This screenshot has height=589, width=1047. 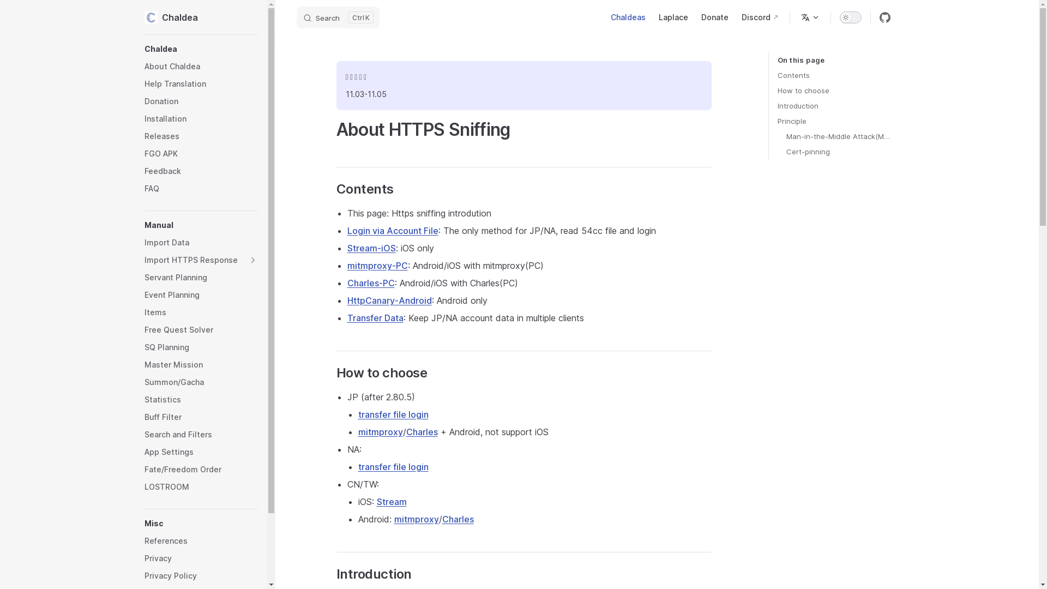 I want to click on 'HttpCanary-Android', so click(x=389, y=300).